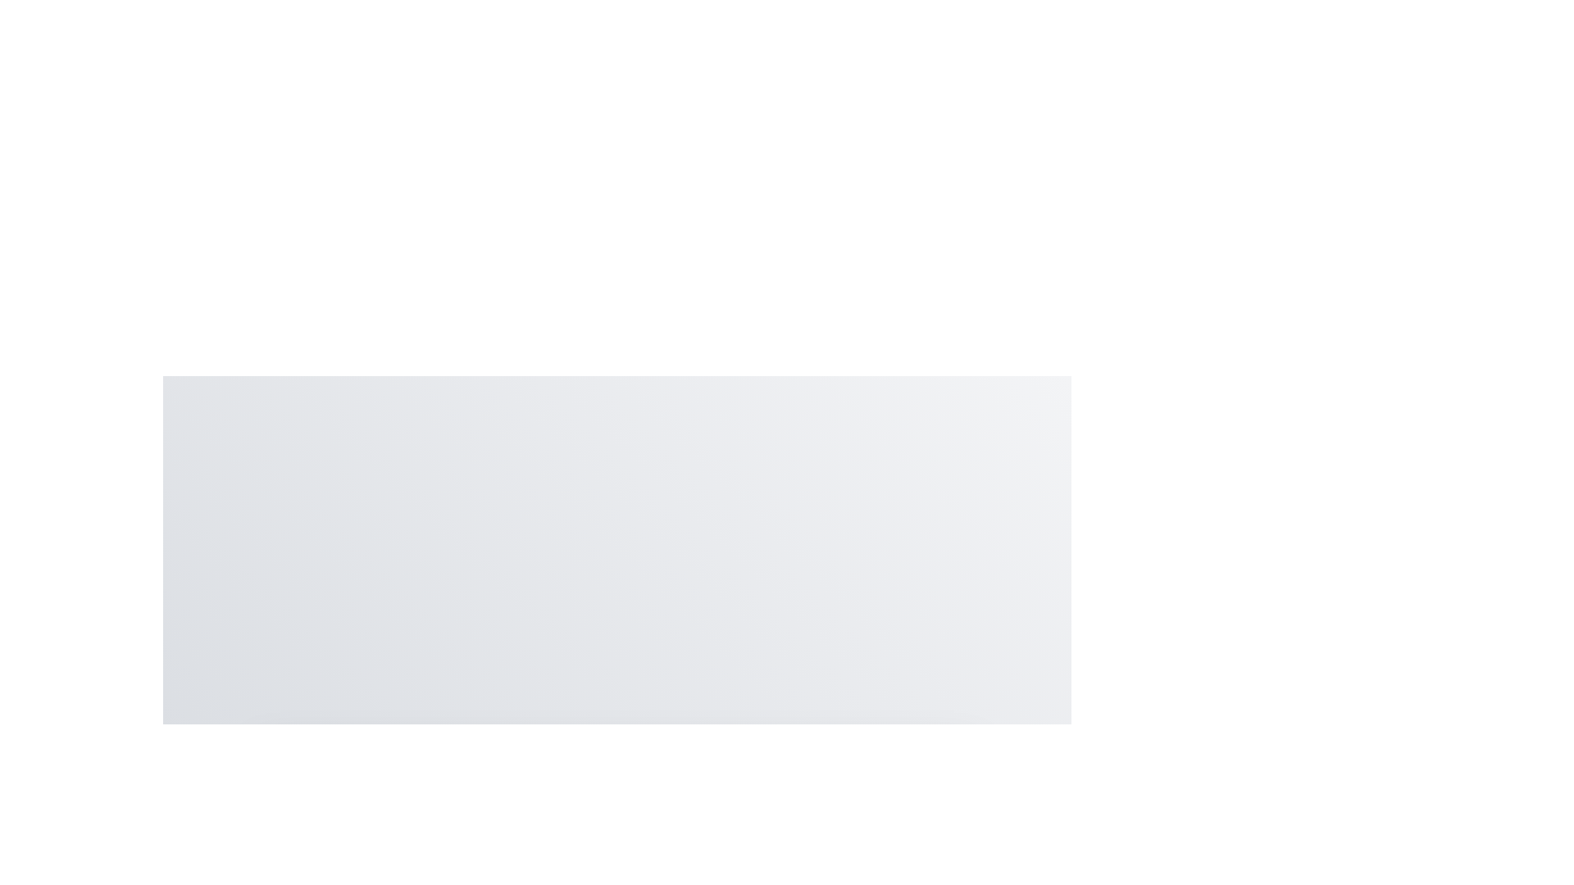  I want to click on the textual content displaying 'Clear skies and warm weather.' which is styled in gray and located below the bold text 'Sunny' in a light blue background area, so click(616, 860).